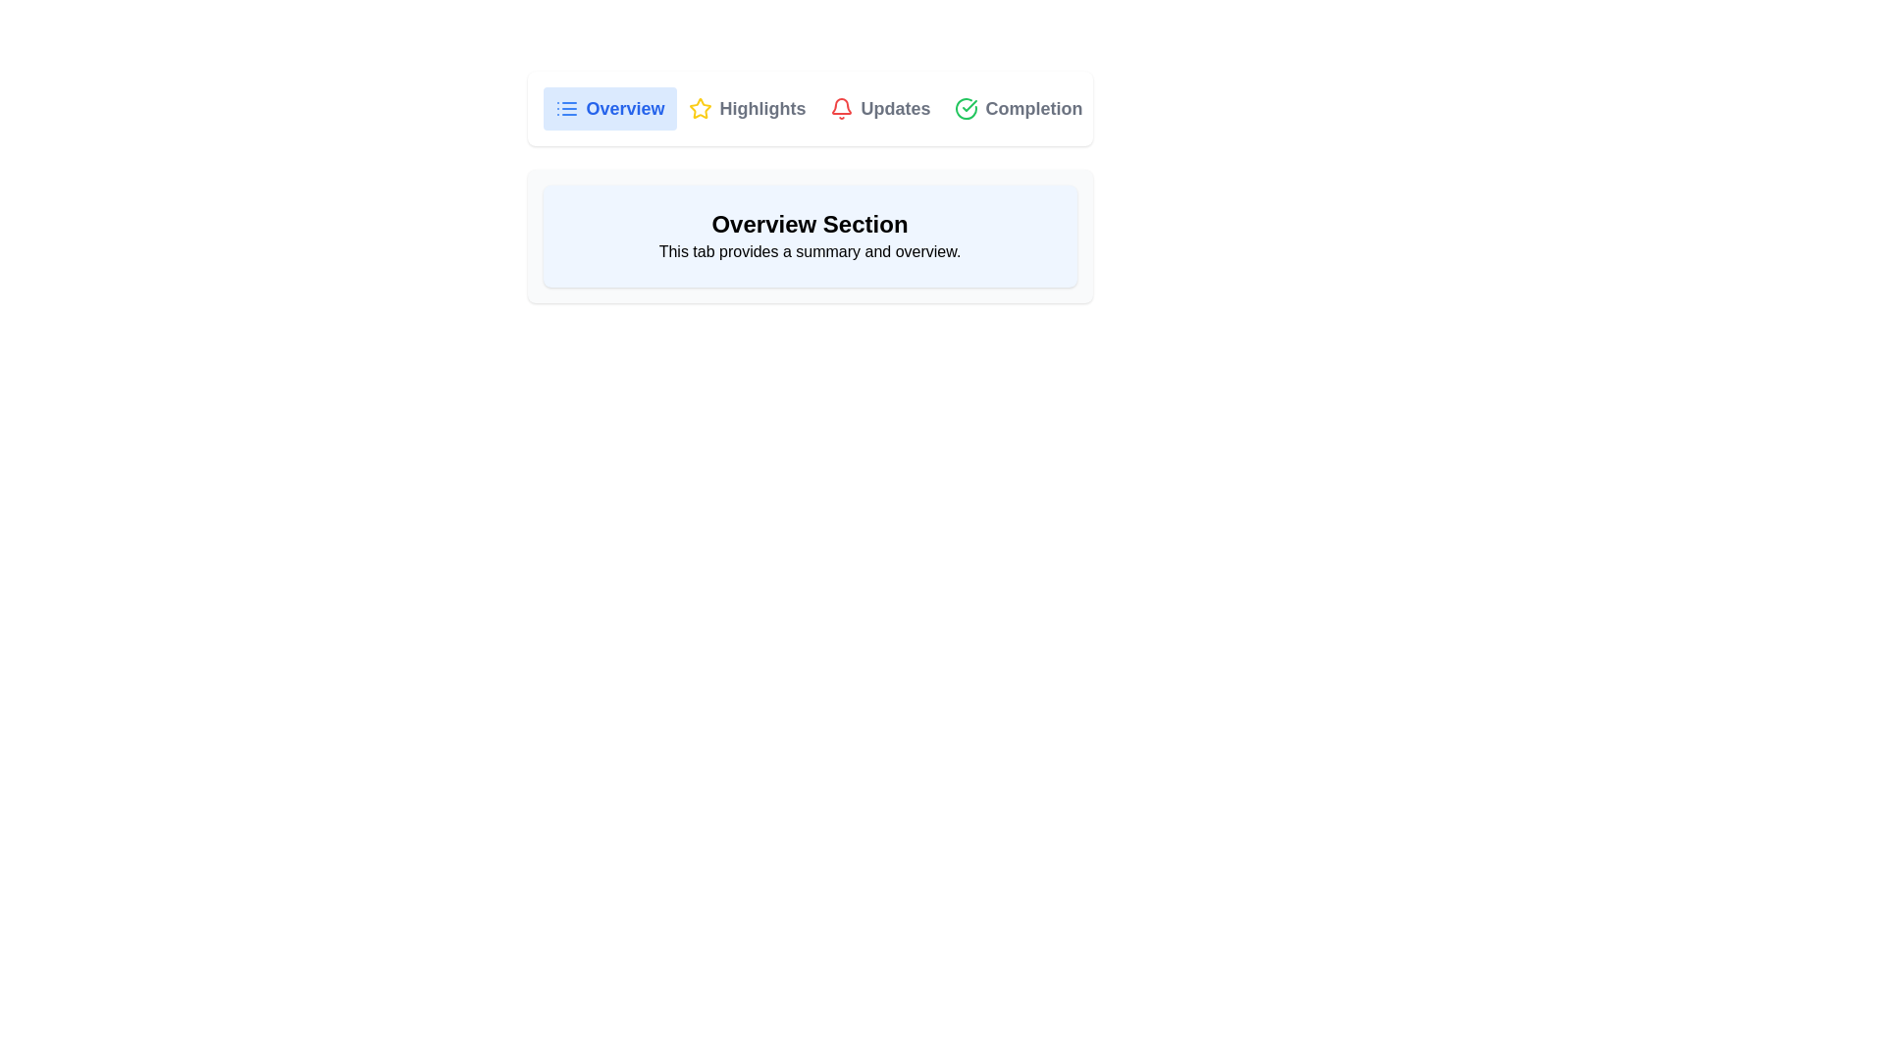 The width and height of the screenshot is (1884, 1060). Describe the element at coordinates (895, 109) in the screenshot. I see `the 'Updates' label in the Navigation Tab` at that location.